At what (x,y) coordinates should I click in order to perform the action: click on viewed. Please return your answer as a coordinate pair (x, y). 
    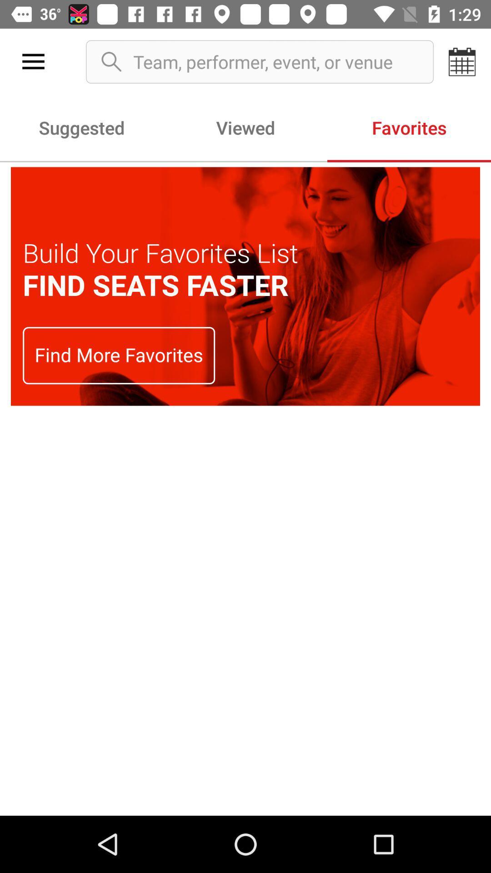
    Looking at the image, I should click on (245, 127).